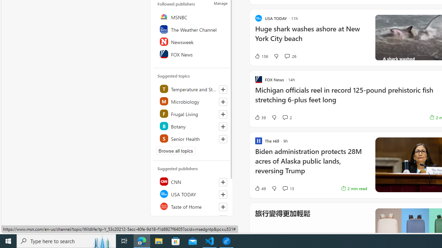 This screenshot has height=248, width=442. I want to click on '136 Like', so click(260, 56).